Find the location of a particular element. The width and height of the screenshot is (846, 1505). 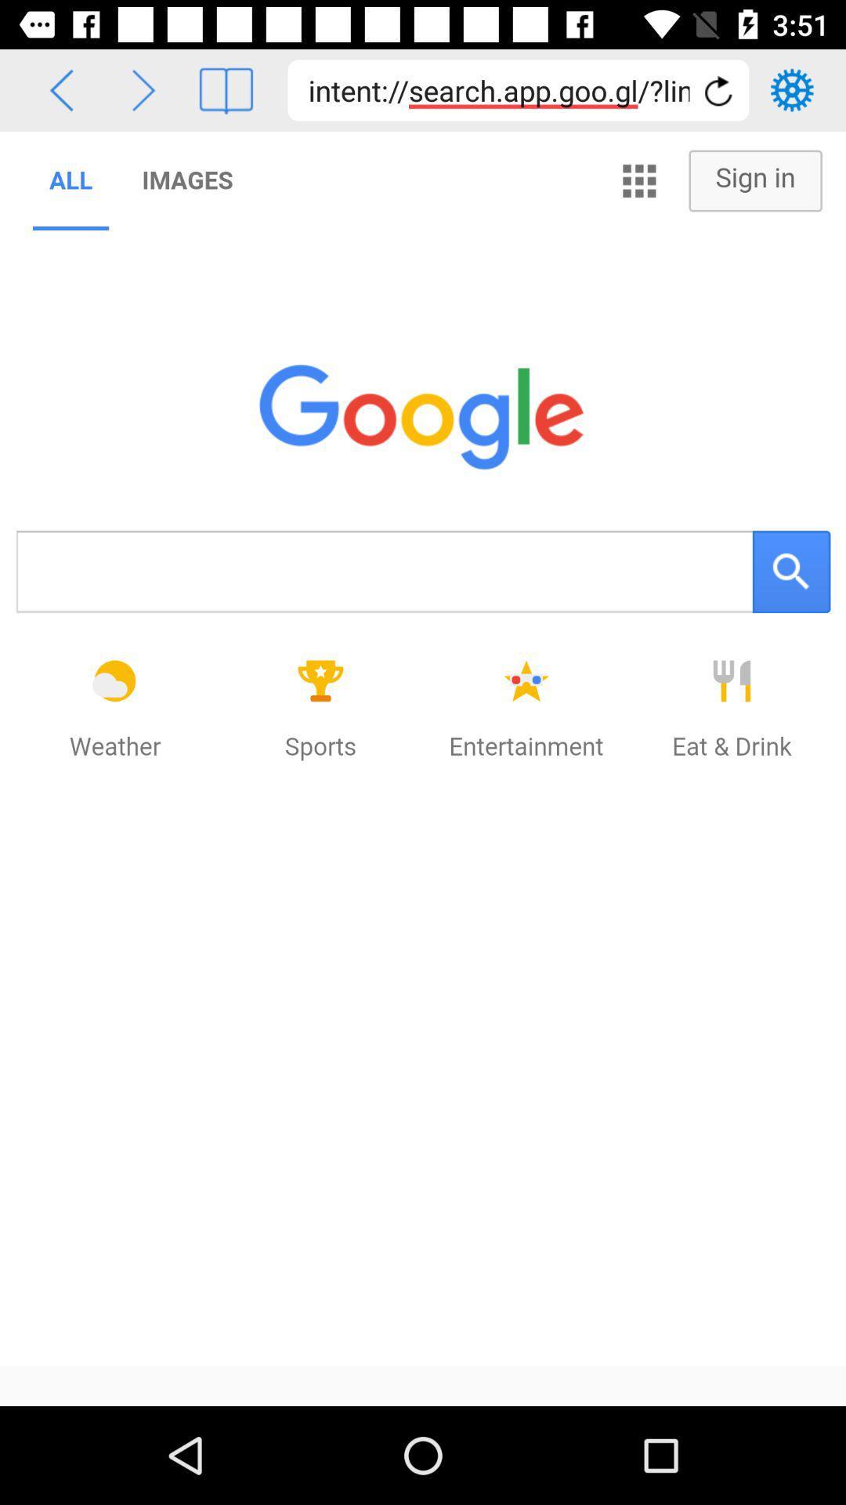

previous button is located at coordinates (60, 89).